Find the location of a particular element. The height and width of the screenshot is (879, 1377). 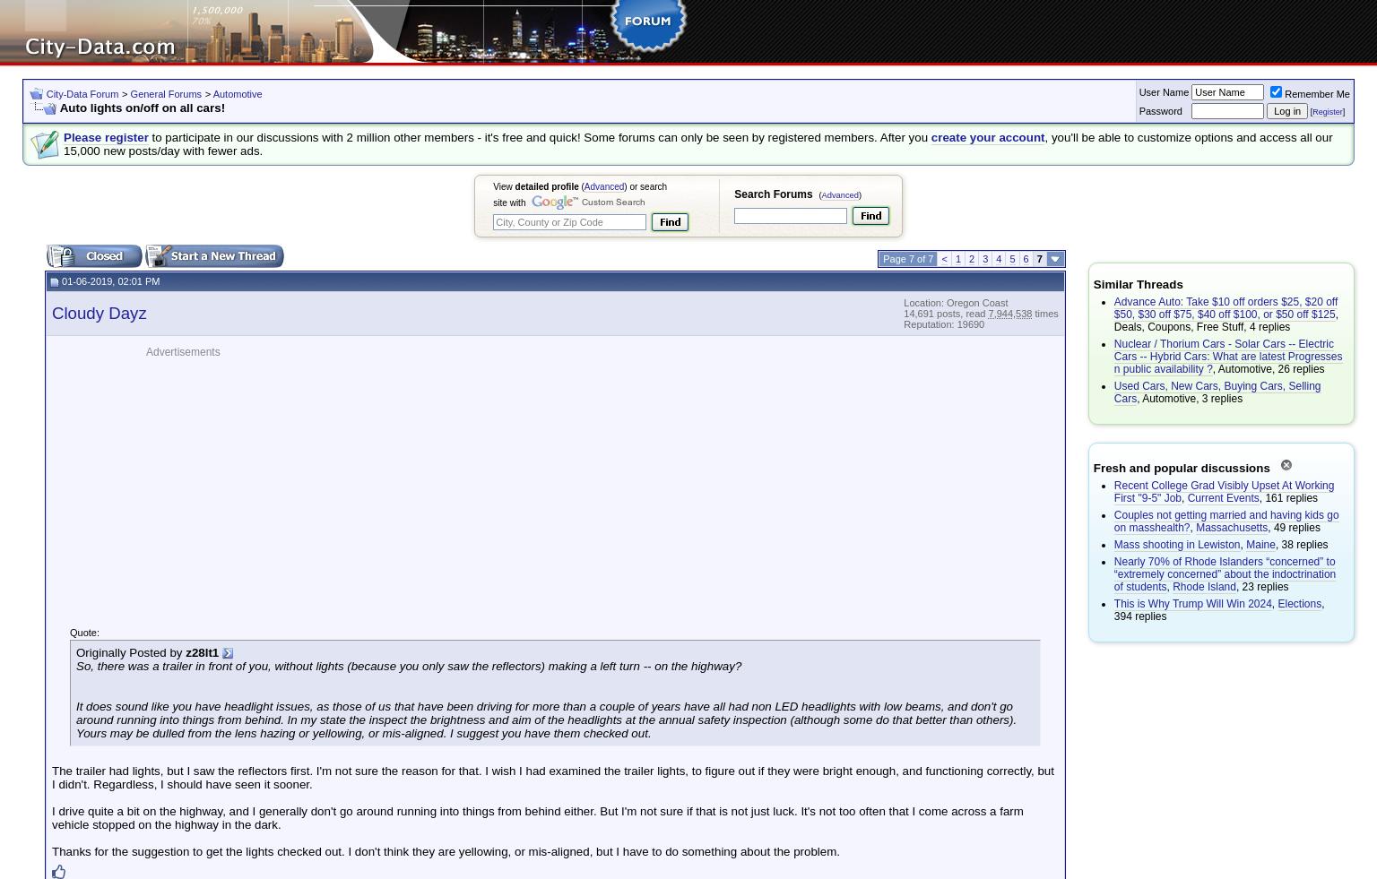

'7' is located at coordinates (1039, 258).